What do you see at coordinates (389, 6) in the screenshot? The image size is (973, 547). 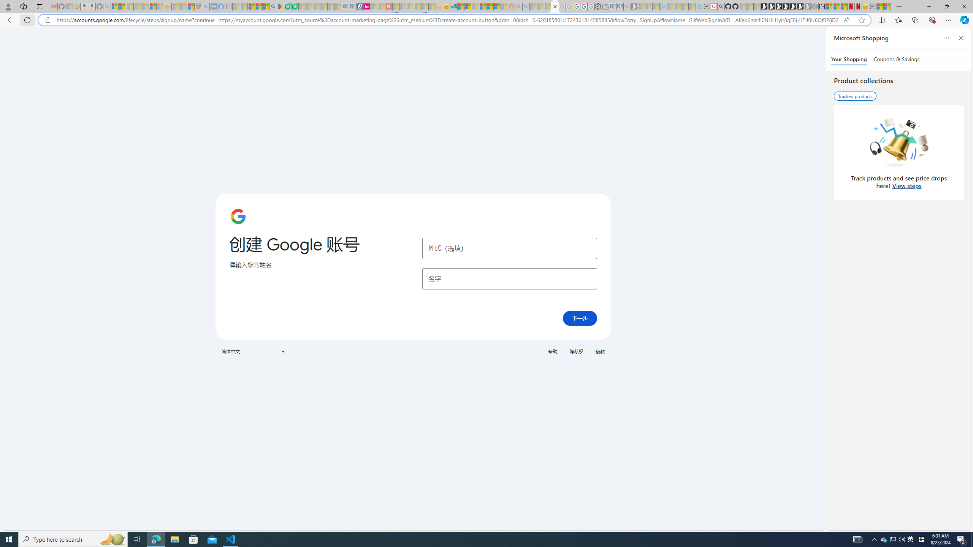 I see `'Latest Politics News & Archive | Newsweek.com - Sleeping'` at bounding box center [389, 6].